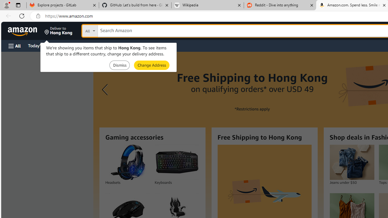 The image size is (388, 218). I want to click on 'Previous slide', so click(106, 90).